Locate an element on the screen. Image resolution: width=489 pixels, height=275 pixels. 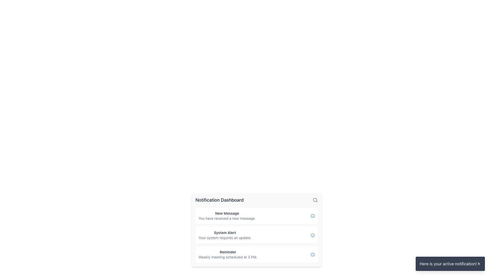
notification text from the second notification item in the notification dashboard, which displays a system alert message regarding required system updates is located at coordinates (225, 235).